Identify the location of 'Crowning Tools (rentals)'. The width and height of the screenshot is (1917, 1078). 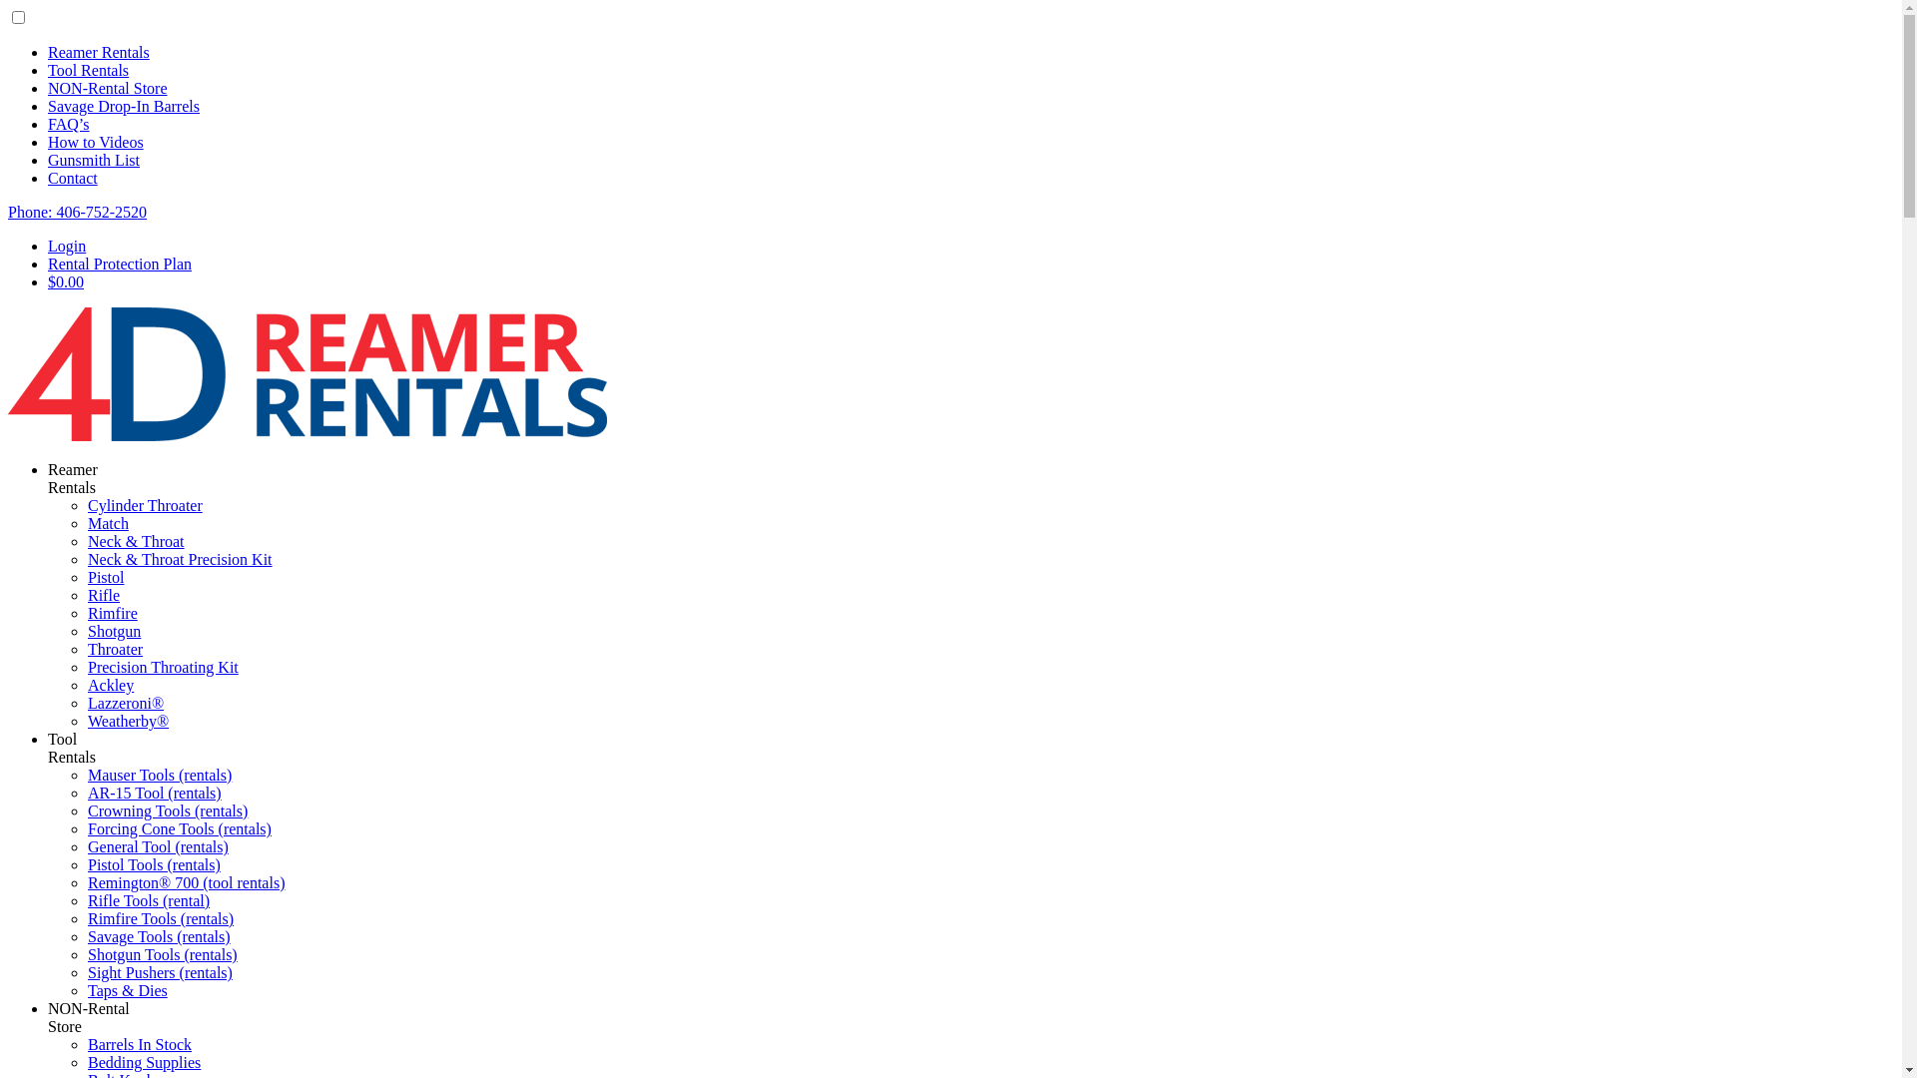
(168, 810).